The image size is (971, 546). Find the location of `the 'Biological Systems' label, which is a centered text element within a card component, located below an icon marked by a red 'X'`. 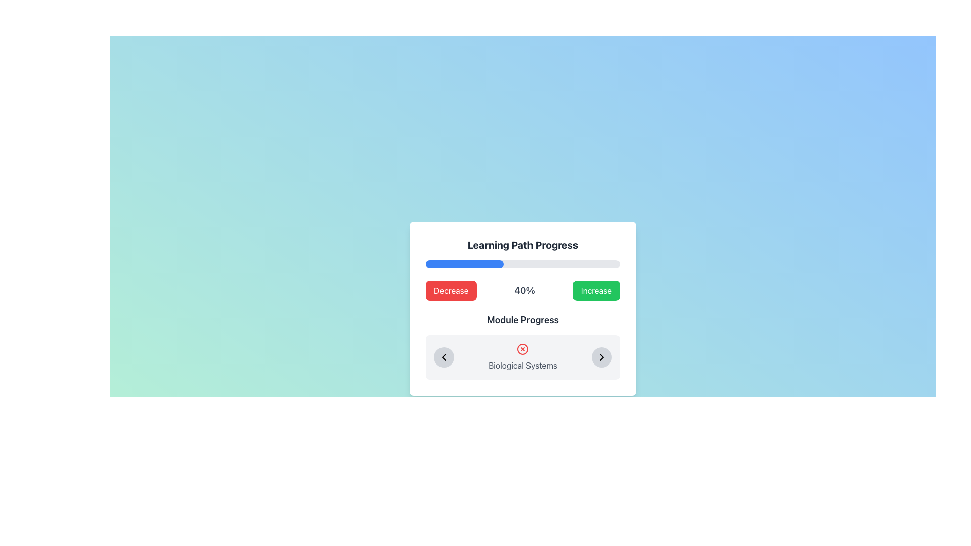

the 'Biological Systems' label, which is a centered text element within a card component, located below an icon marked by a red 'X' is located at coordinates (522, 356).